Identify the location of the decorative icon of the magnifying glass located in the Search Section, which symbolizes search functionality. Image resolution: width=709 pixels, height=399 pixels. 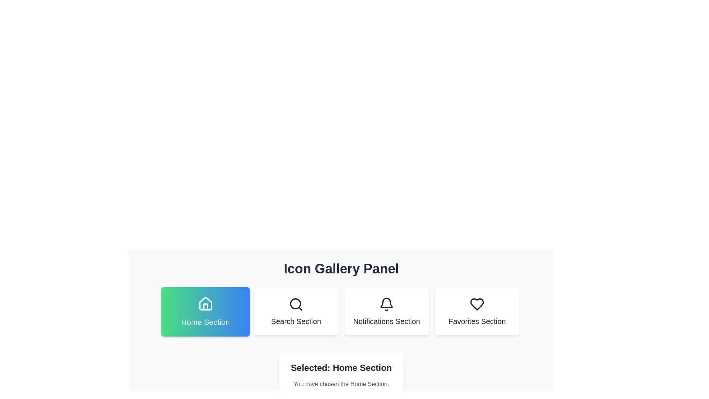
(295, 304).